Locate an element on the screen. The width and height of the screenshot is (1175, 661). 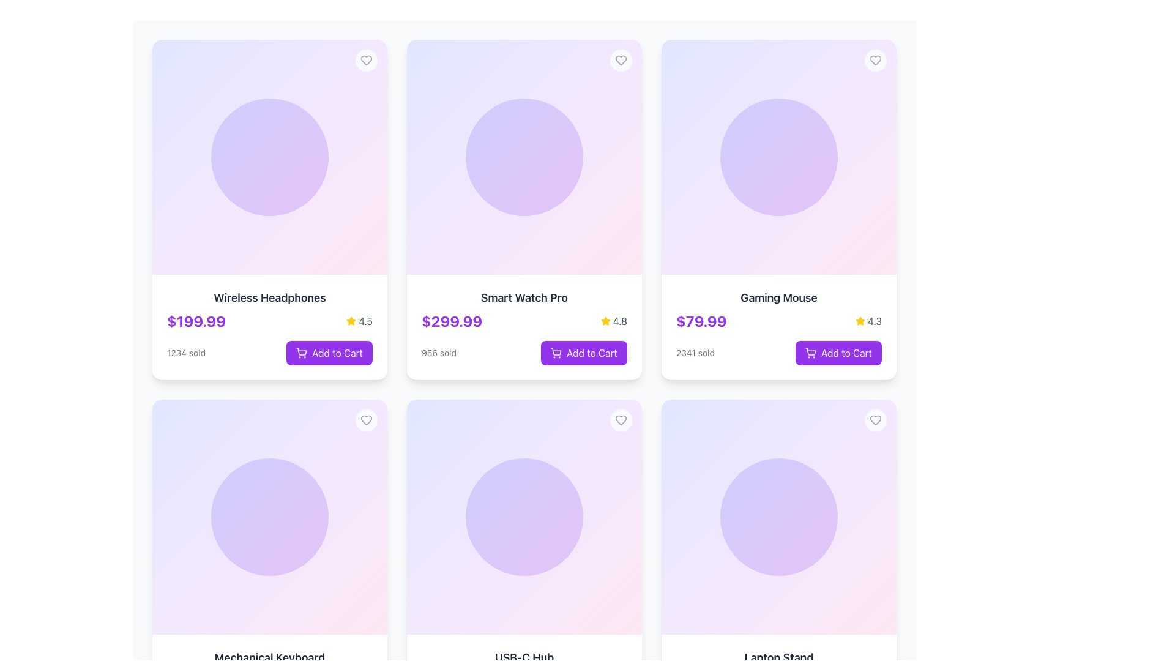
the informational display that shows the product price and user rating for the 'Gaming Mouse', positioned above the 'Add to Cart' button is located at coordinates (778, 320).